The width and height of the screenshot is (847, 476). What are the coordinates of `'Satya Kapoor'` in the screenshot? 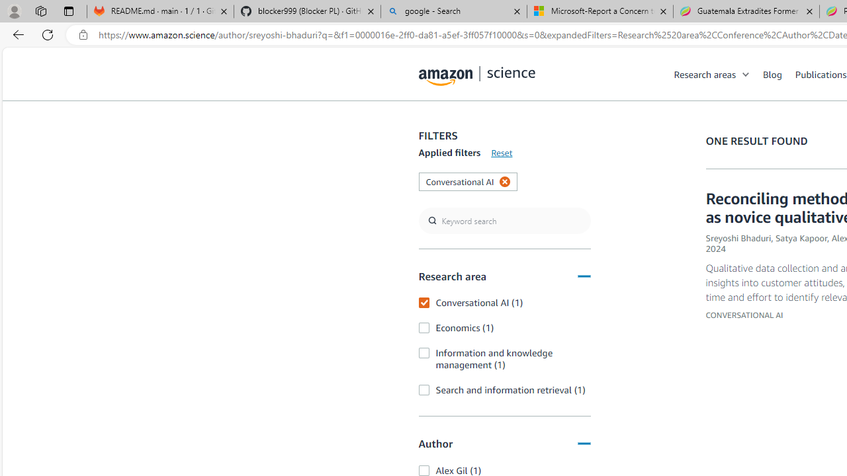 It's located at (800, 238).